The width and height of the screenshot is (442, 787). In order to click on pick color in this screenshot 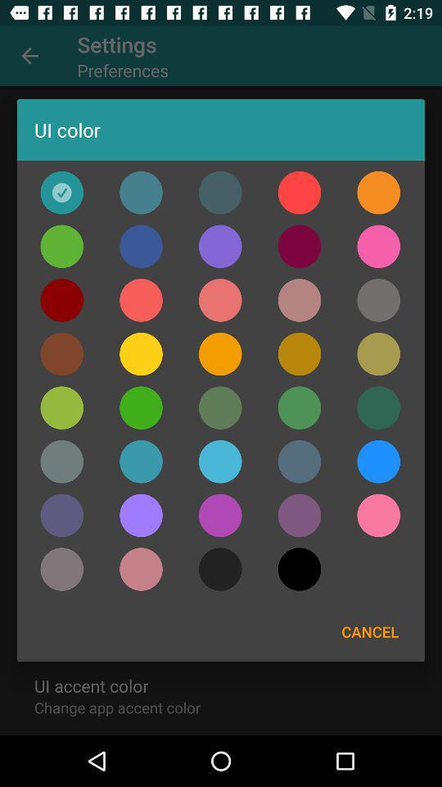, I will do `click(220, 354)`.